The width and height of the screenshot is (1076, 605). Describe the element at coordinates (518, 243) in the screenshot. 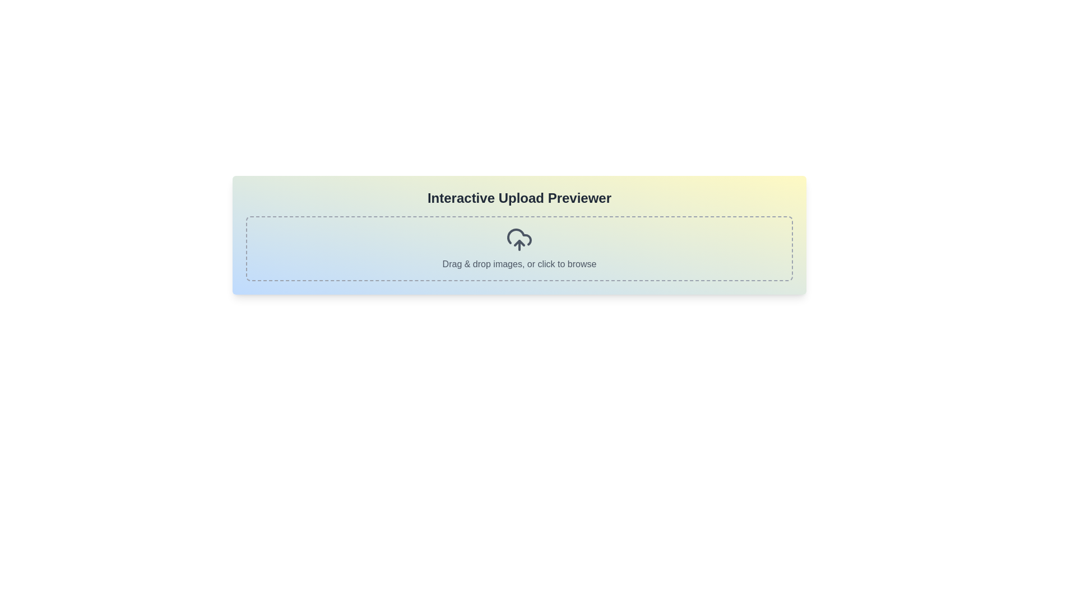

I see `the visual representation of the downward-pointing chevron within the upload icon, which is part of a cloud graphic` at that location.